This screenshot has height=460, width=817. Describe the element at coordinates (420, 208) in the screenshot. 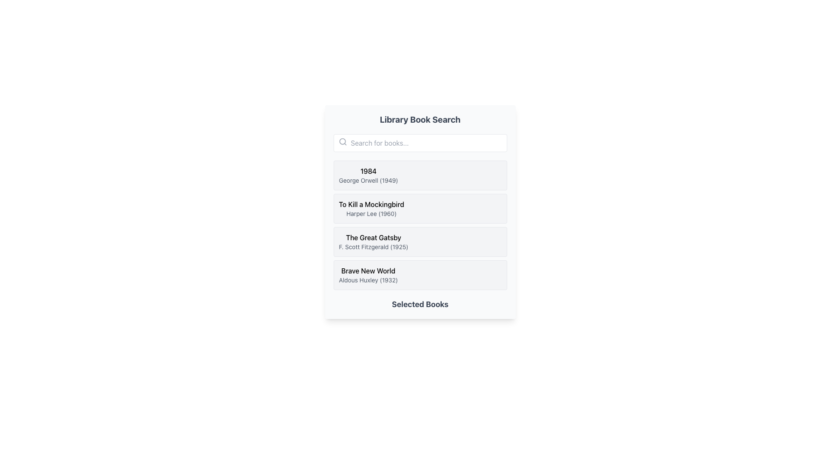

I see `the List item displaying 'To Kill a Mockingbird' by Harper Lee` at that location.